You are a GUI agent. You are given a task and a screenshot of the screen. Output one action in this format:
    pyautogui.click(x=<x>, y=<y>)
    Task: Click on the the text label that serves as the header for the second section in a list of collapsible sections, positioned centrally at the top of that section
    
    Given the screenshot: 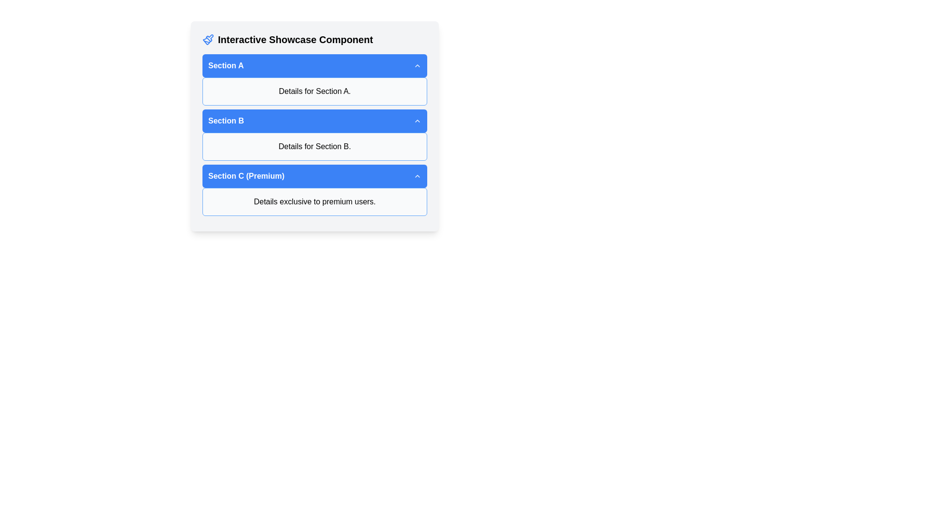 What is the action you would take?
    pyautogui.click(x=225, y=121)
    